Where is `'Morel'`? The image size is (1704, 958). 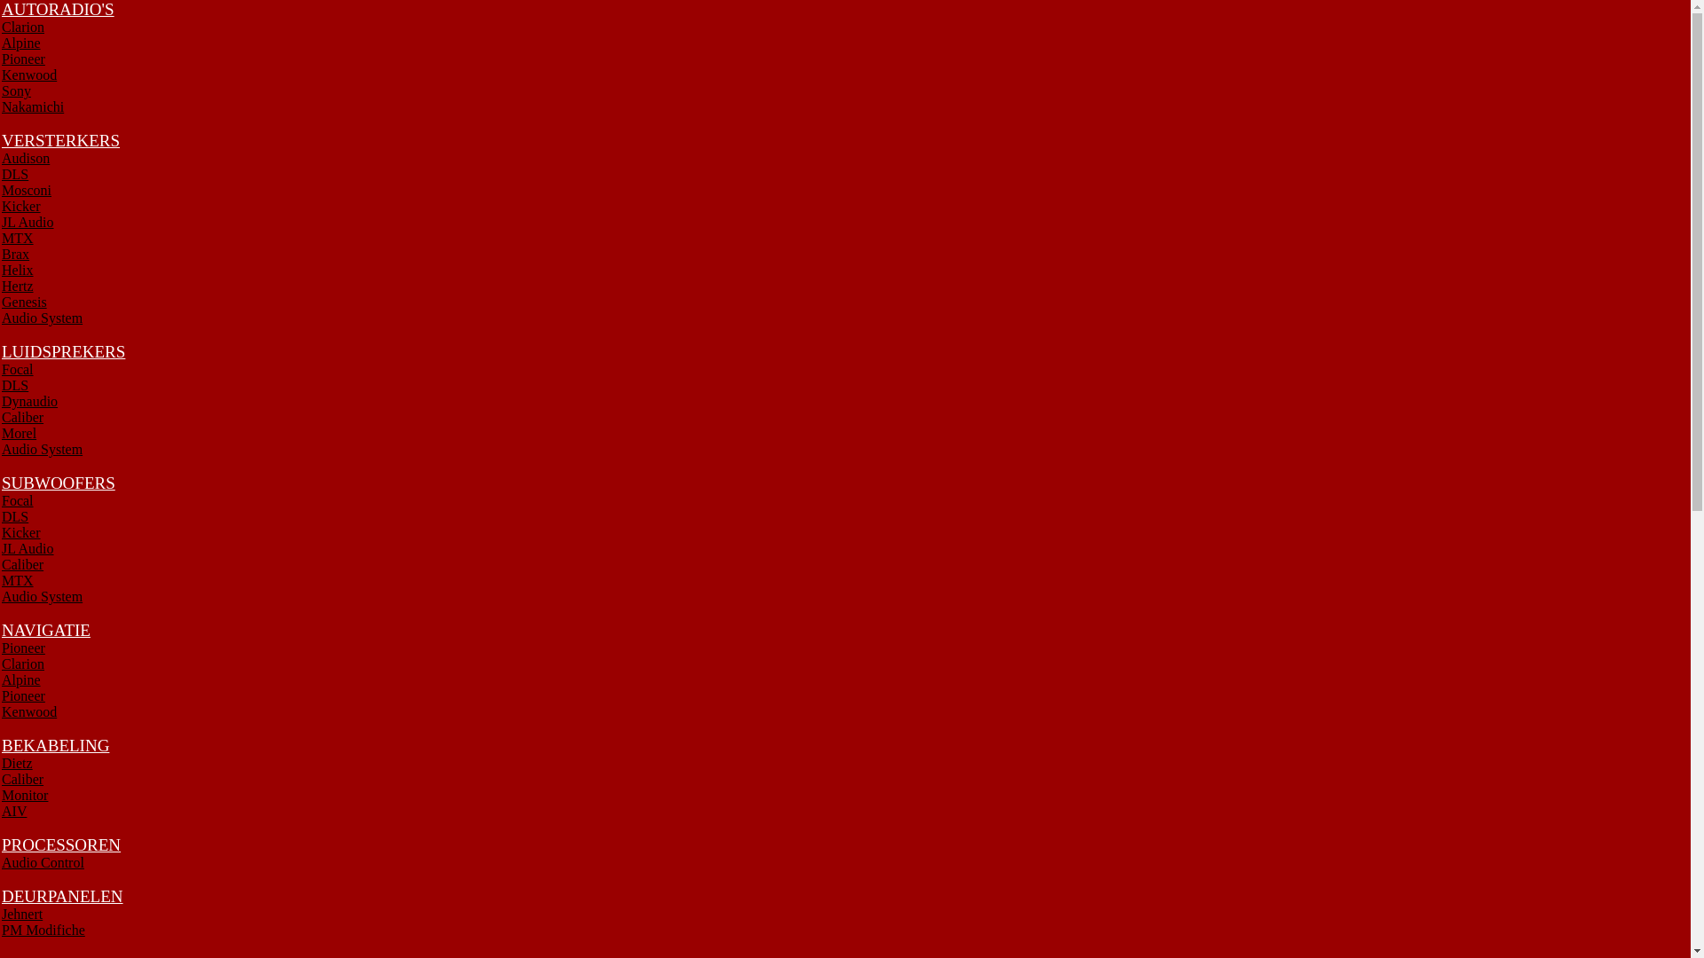 'Morel' is located at coordinates (19, 433).